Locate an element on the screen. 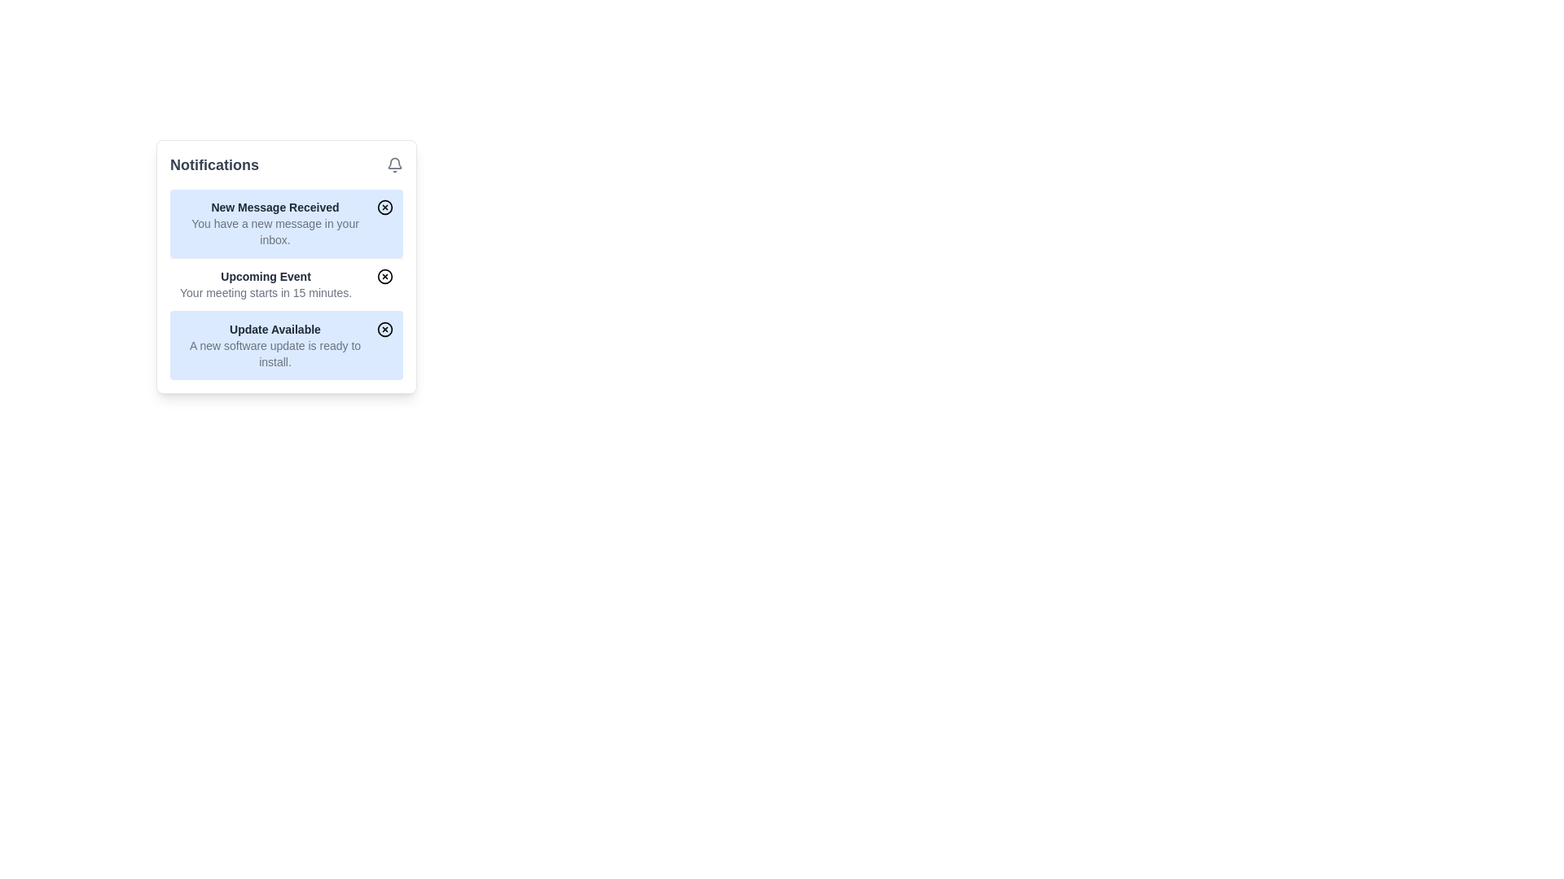 This screenshot has height=879, width=1564. the prominent 'Notifications' text label, which is styled in bold, large gray font and positioned at the top-left corner of the notification panel is located at coordinates (213, 165).